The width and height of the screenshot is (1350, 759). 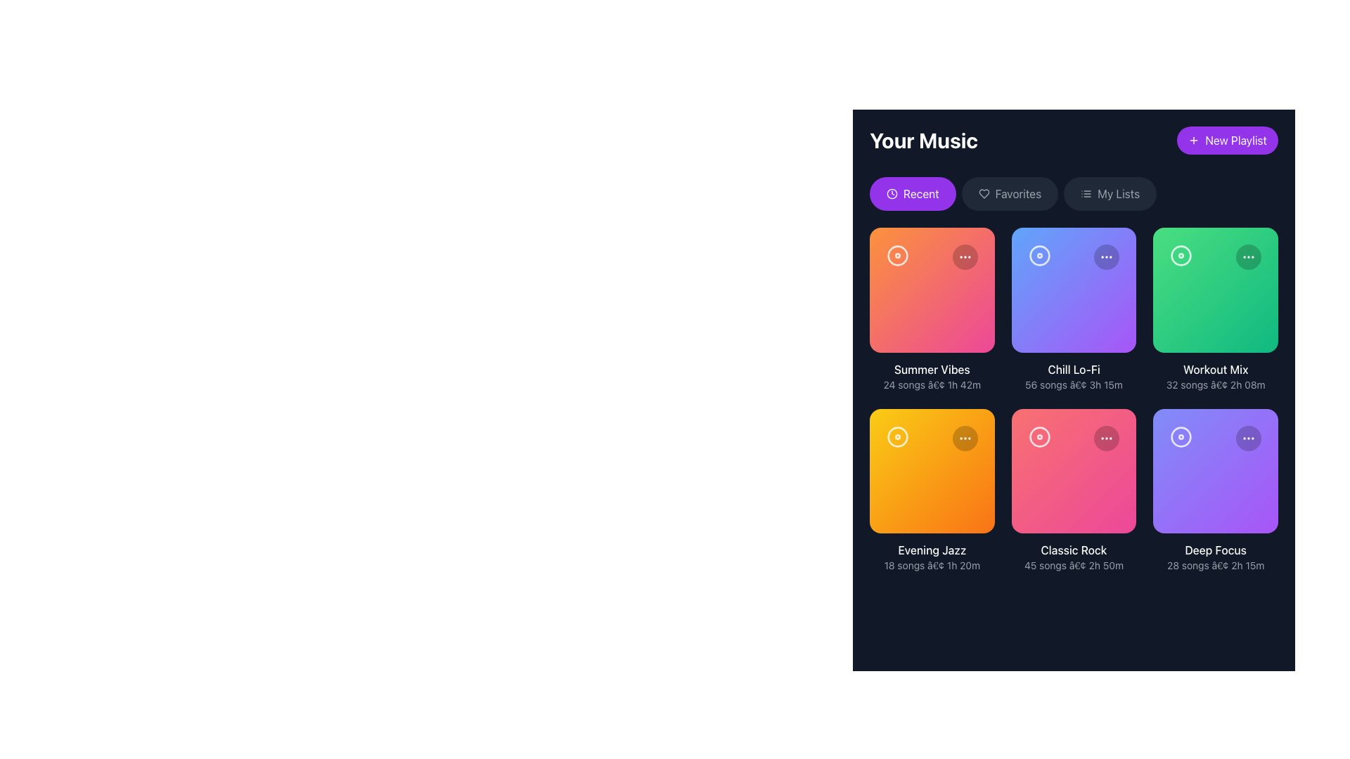 I want to click on the text label displaying 'Classic Rock' in white, located directly under the pink square component in the playlist grid, so click(x=1073, y=550).